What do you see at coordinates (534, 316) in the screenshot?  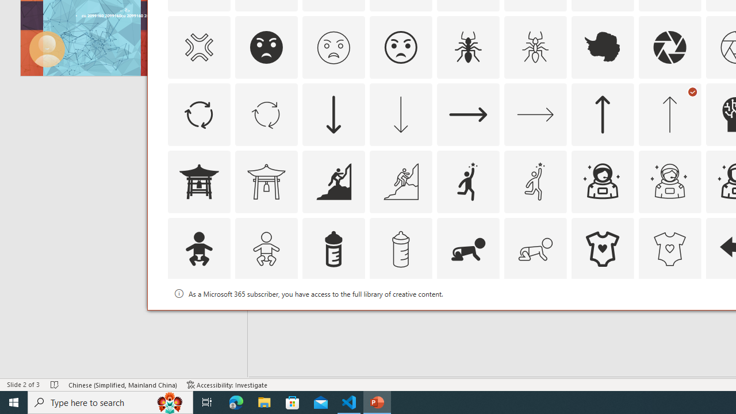 I see `'AutomationID: Icons_Badge4'` at bounding box center [534, 316].